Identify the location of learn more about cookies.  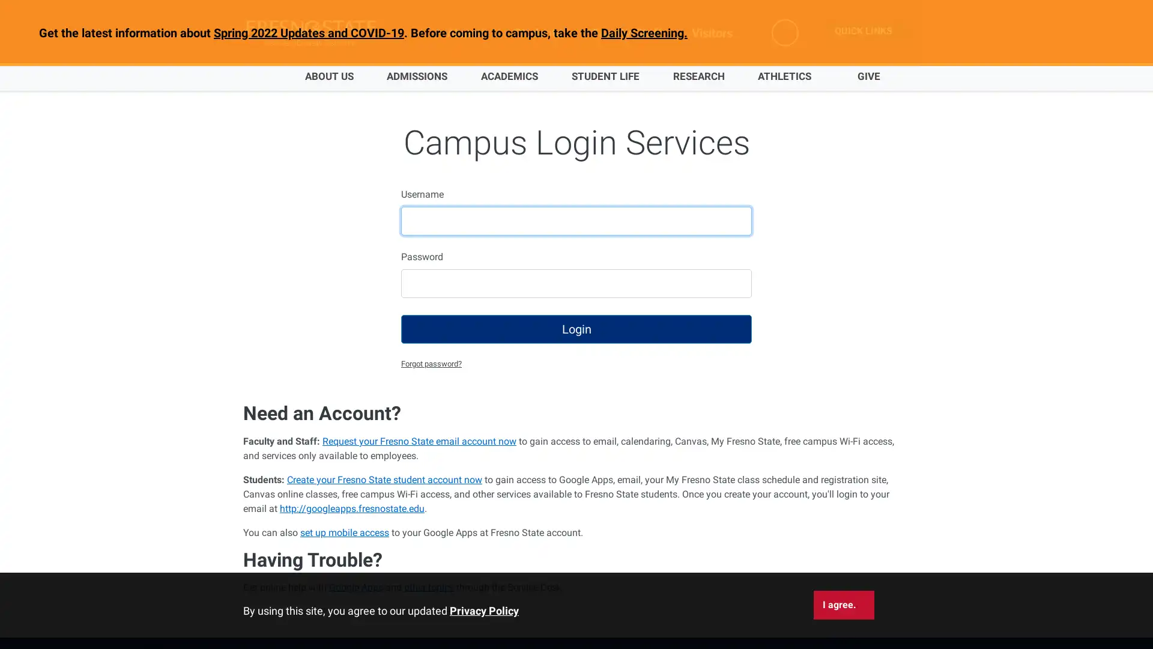
(484, 611).